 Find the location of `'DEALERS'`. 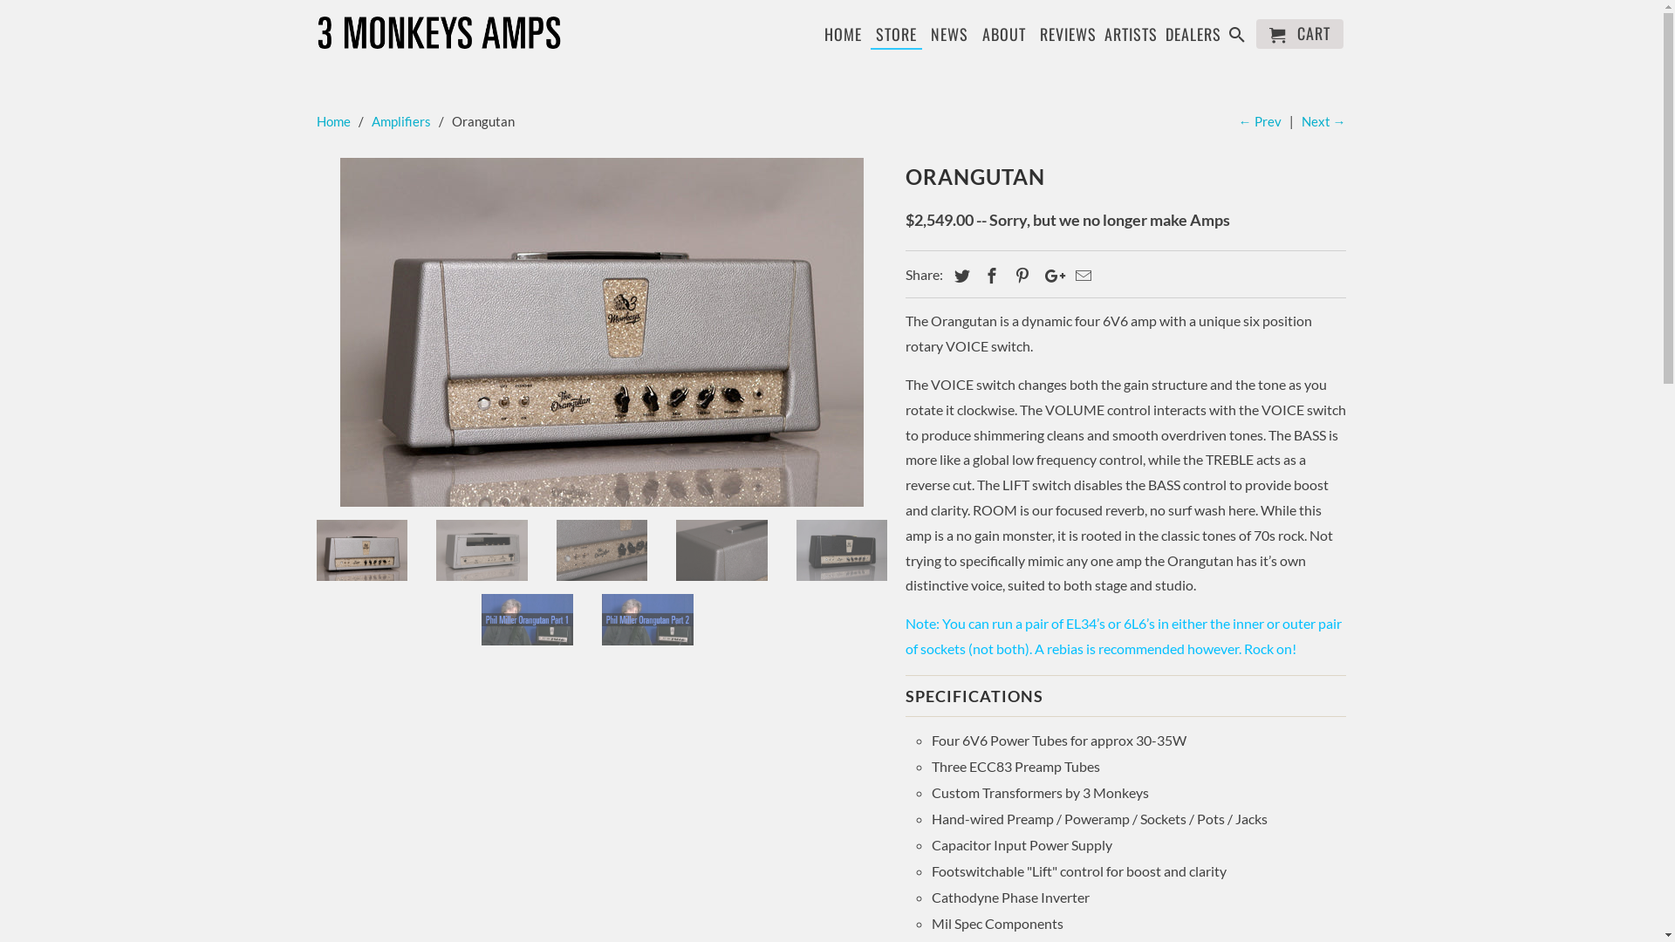

'DEALERS' is located at coordinates (1193, 37).